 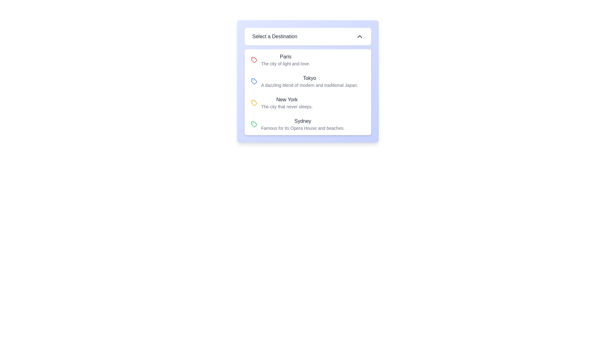 What do you see at coordinates (286, 103) in the screenshot?
I see `the third list item displaying the destination option for 'New York'` at bounding box center [286, 103].